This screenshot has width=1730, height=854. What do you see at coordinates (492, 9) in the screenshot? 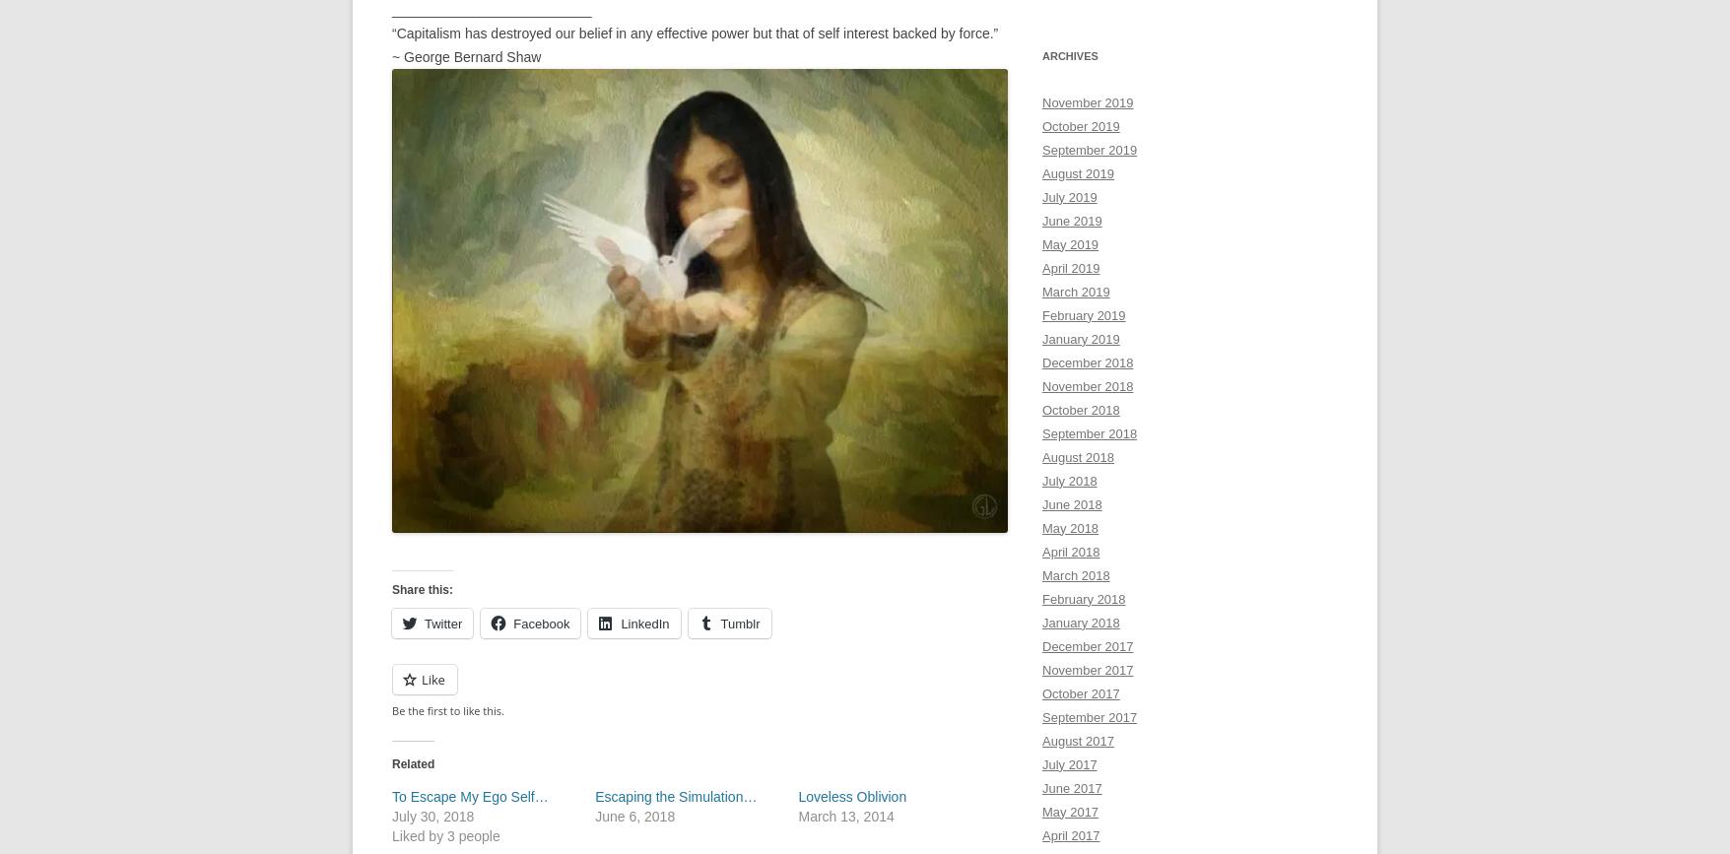
I see `'__________________________'` at bounding box center [492, 9].